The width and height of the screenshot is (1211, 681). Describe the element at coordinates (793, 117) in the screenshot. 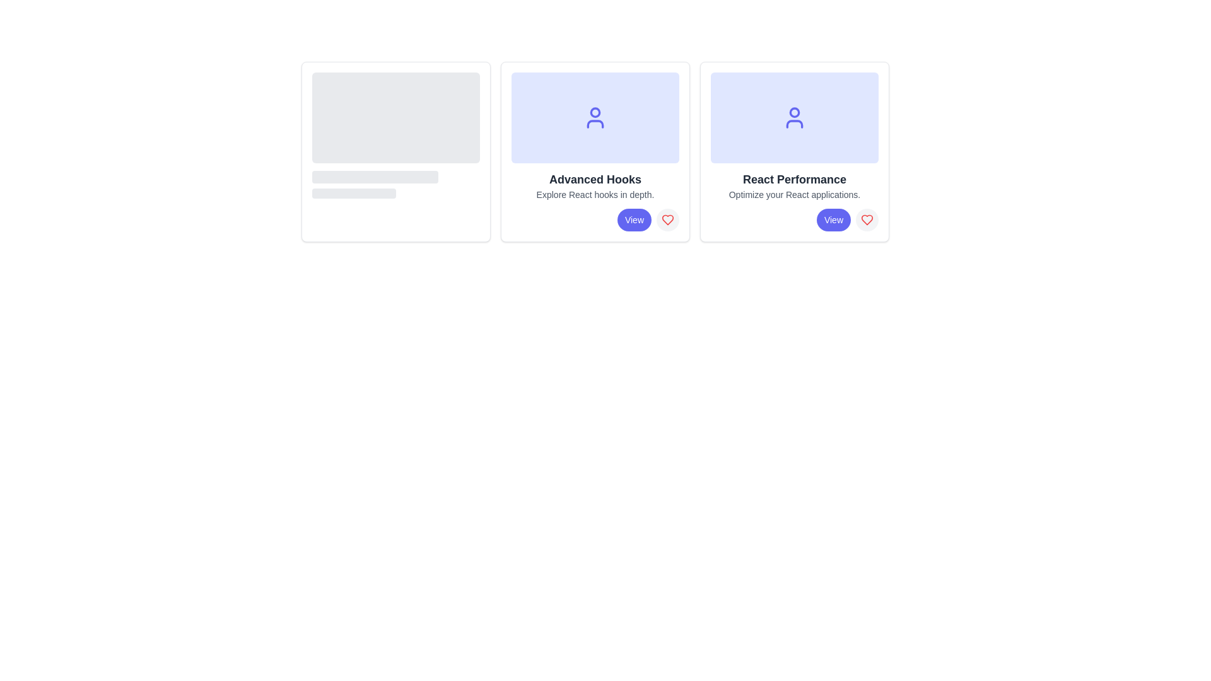

I see `the user icon representing a person, which is indigo in color and centrally aligned in the 'React Performance' card` at that location.